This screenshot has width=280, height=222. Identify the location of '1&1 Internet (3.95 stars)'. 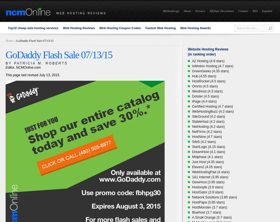
(210, 177).